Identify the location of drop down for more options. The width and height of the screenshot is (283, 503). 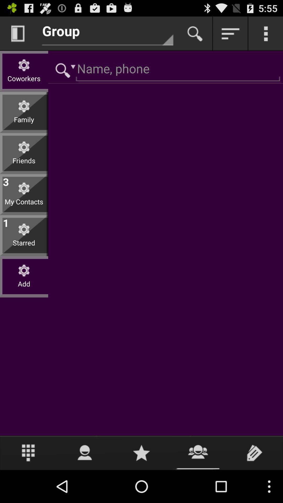
(230, 33).